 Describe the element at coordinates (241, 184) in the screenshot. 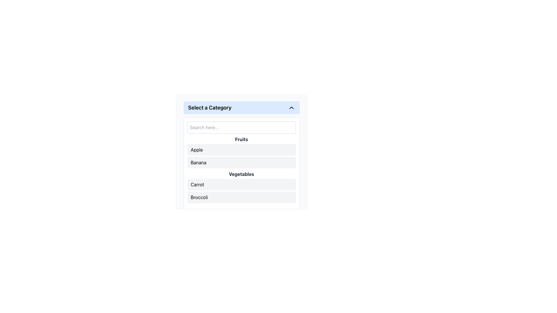

I see `the first selectable list item labeled 'Carrot' in the 'Vegetables' category of the dropdown` at that location.